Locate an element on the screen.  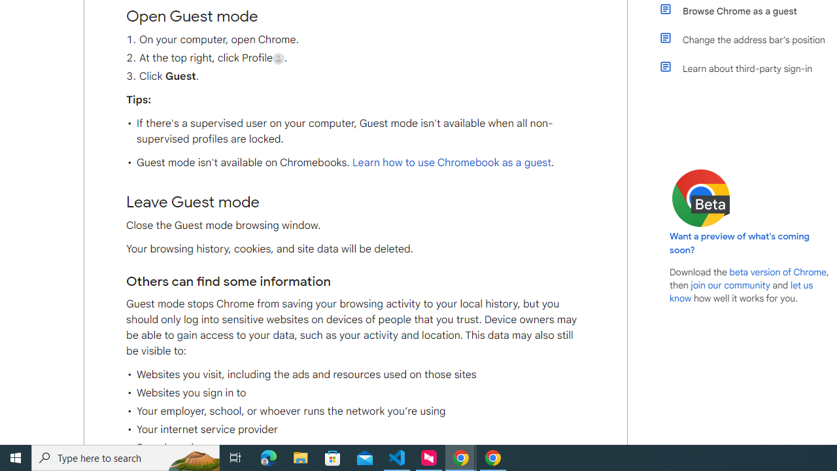
'Want a preview of what' is located at coordinates (740, 243).